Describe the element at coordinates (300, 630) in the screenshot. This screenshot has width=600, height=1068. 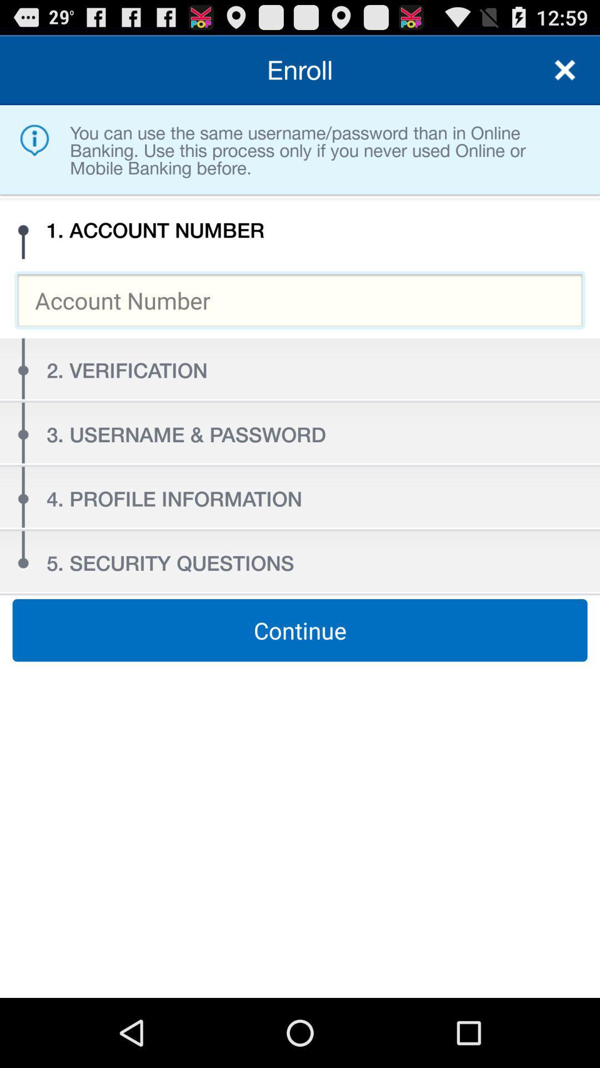
I see `item at the center` at that location.